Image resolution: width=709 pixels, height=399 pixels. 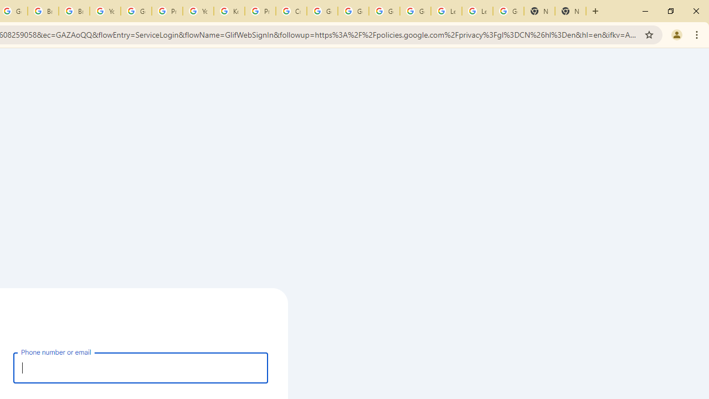 What do you see at coordinates (43, 11) in the screenshot?
I see `'Brand Resource Center'` at bounding box center [43, 11].